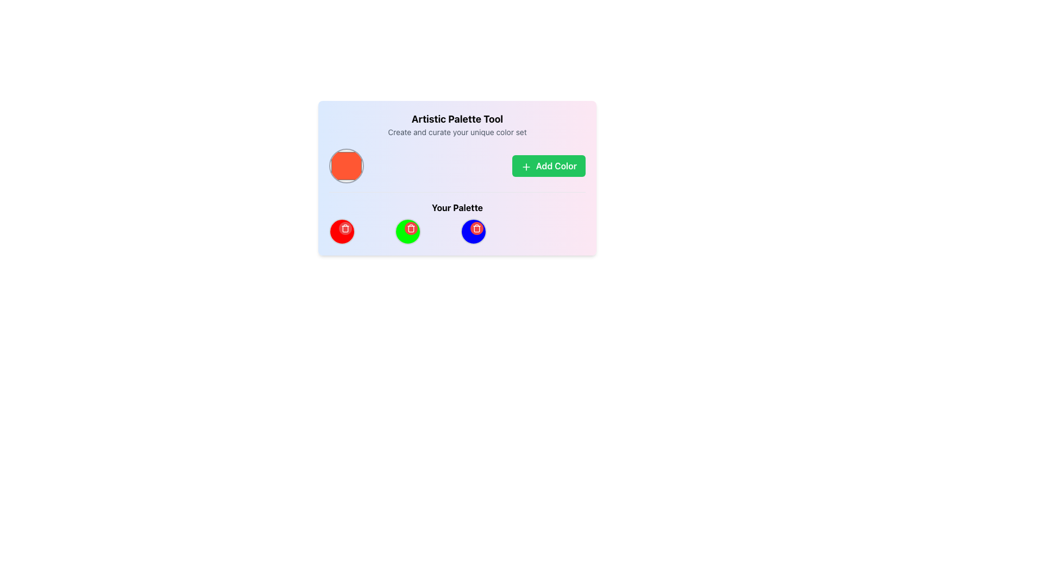 This screenshot has height=586, width=1043. What do you see at coordinates (411, 227) in the screenshot?
I see `the delete icon button located at the bottom-left corner of the 'Your Palette' section` at bounding box center [411, 227].